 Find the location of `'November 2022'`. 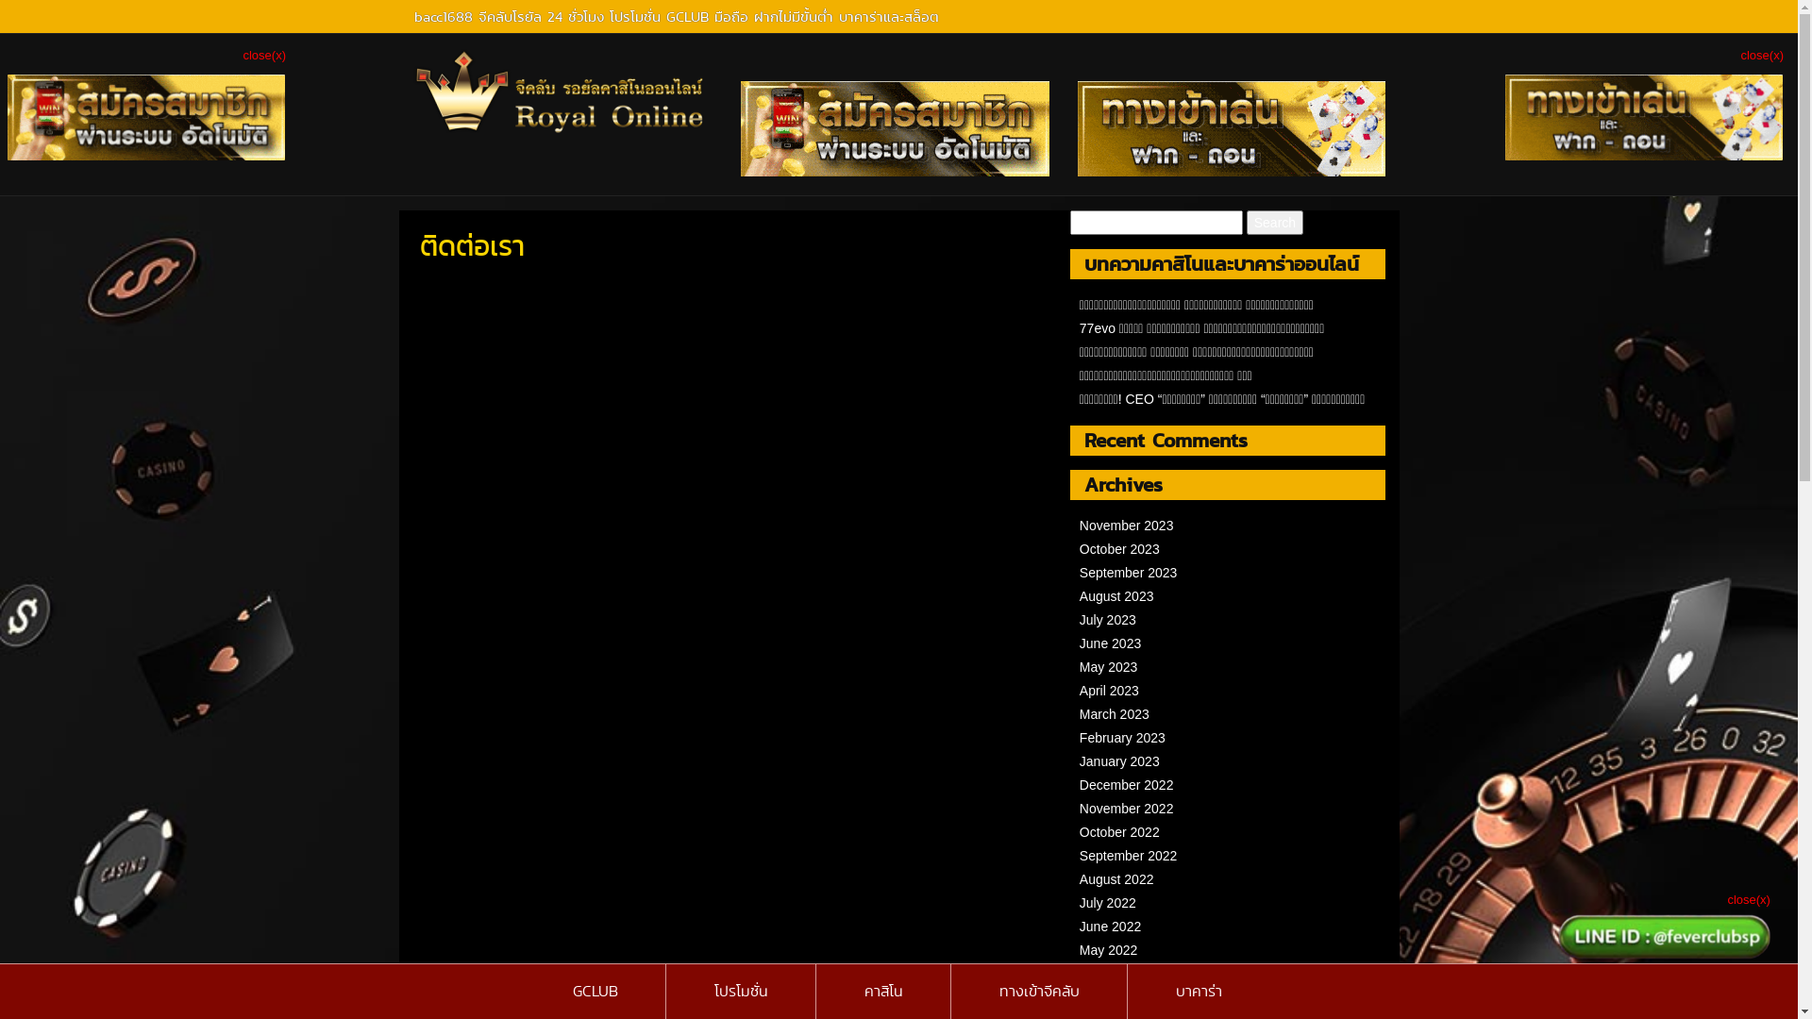

'November 2022' is located at coordinates (1079, 807).